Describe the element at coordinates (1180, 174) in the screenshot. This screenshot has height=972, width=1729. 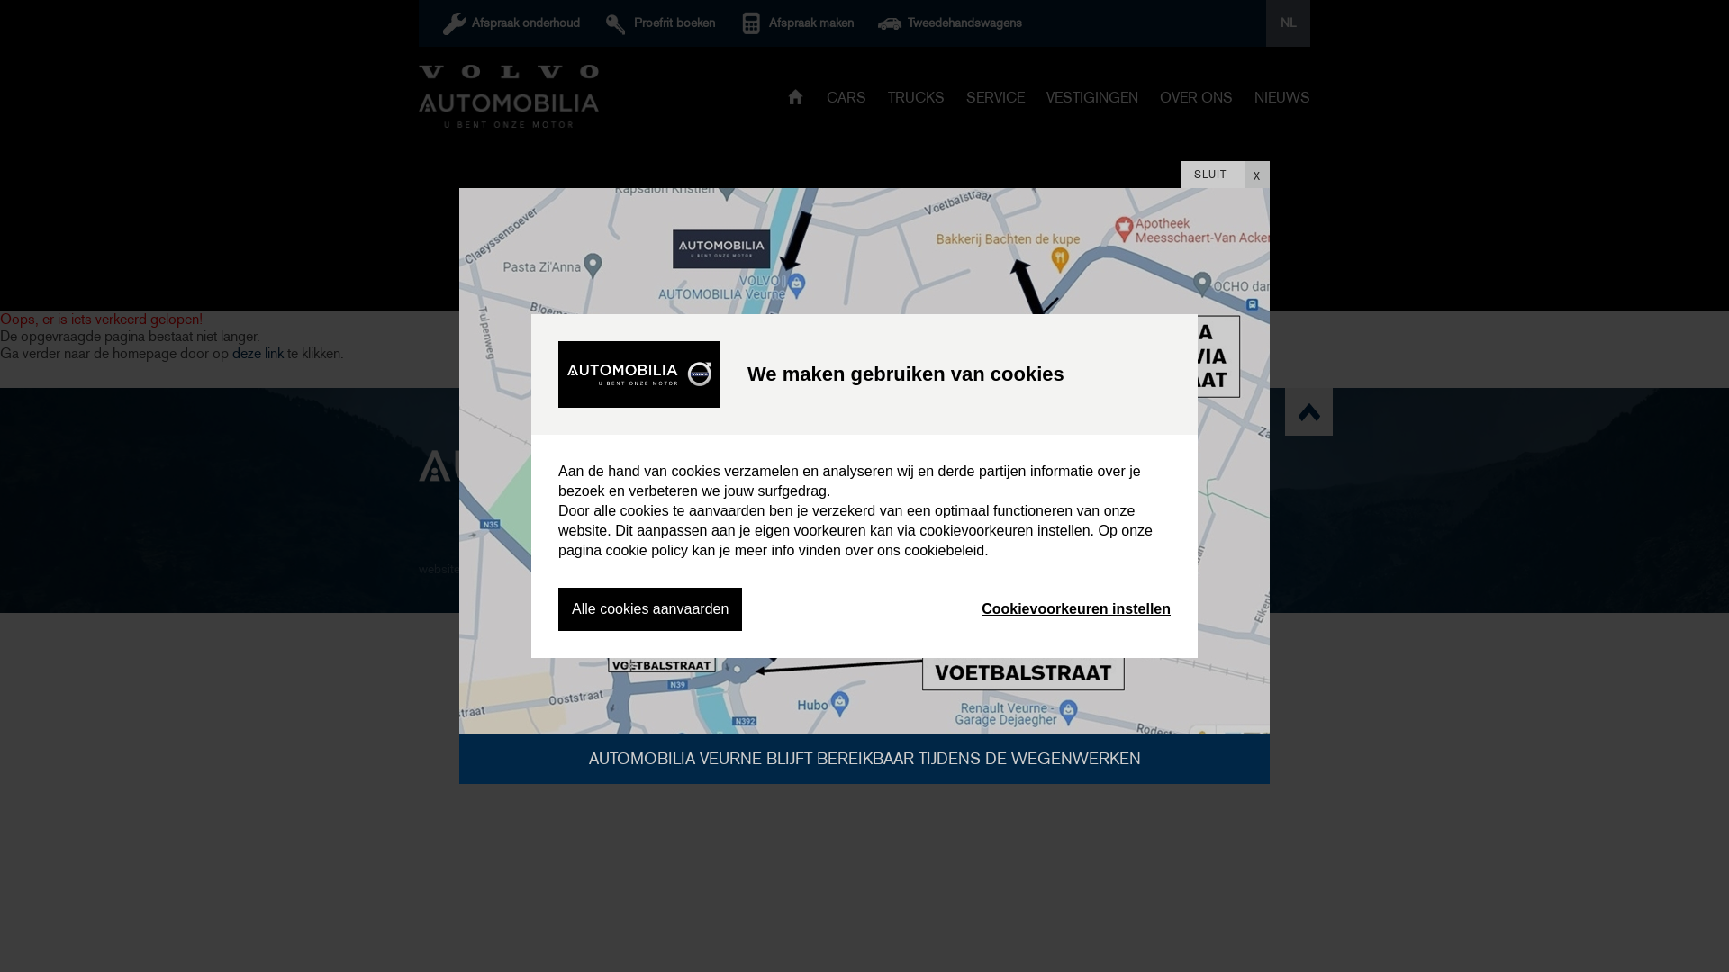
I see `'SLUIT` at that location.